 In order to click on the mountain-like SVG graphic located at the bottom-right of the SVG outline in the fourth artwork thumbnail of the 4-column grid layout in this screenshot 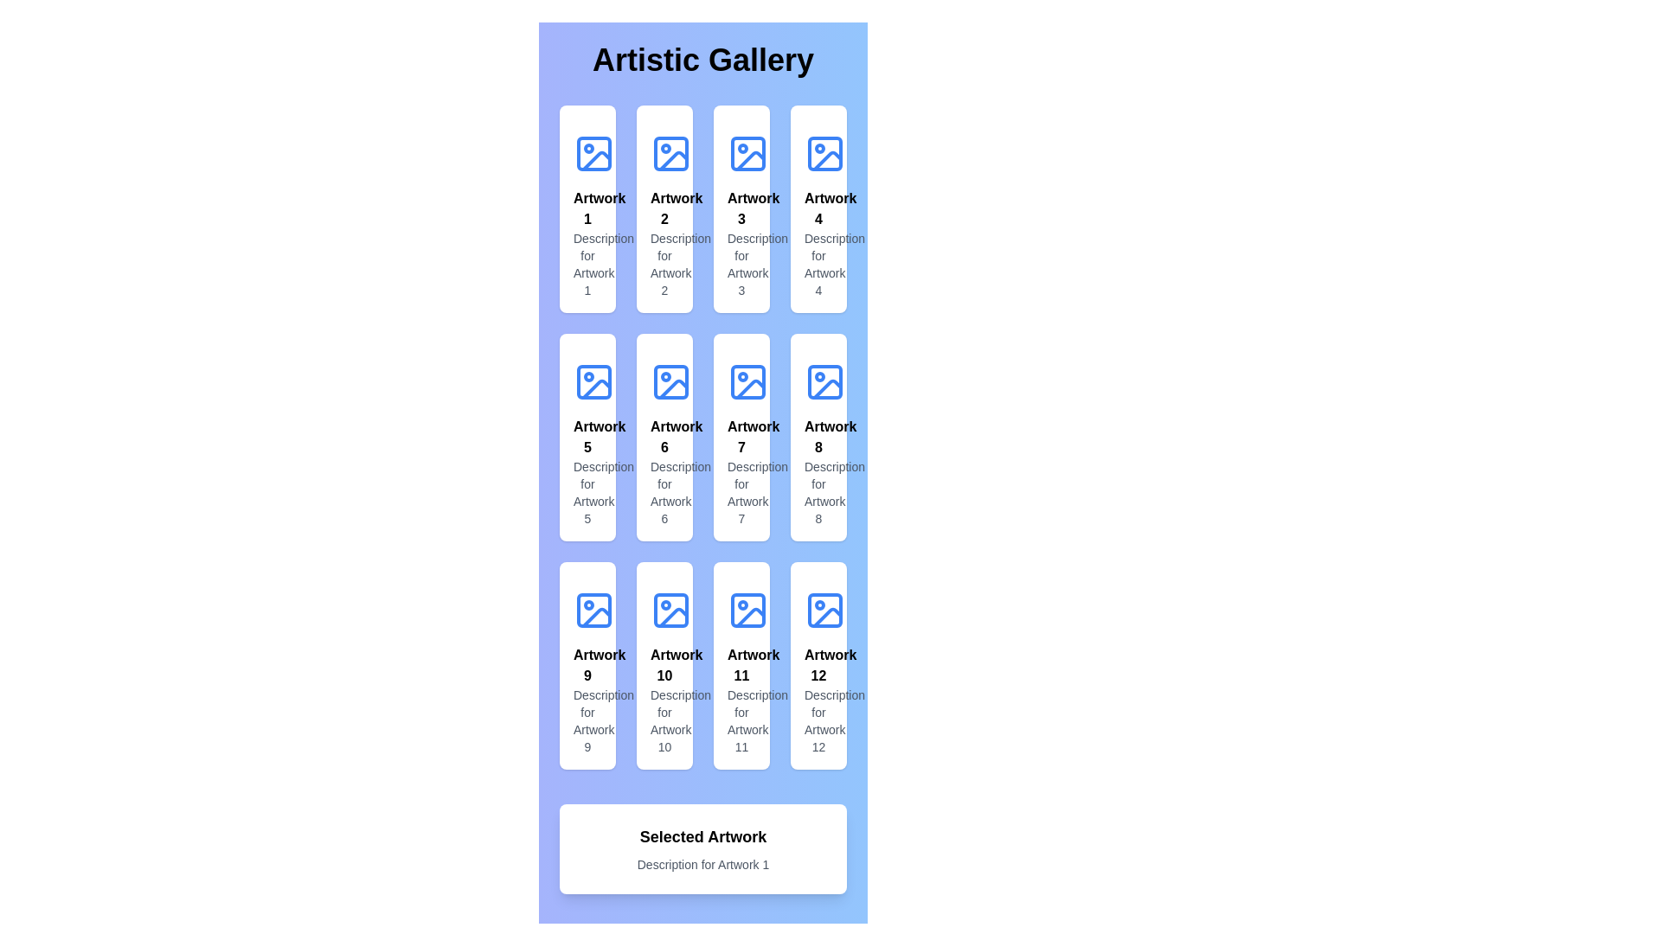, I will do `click(826, 160)`.